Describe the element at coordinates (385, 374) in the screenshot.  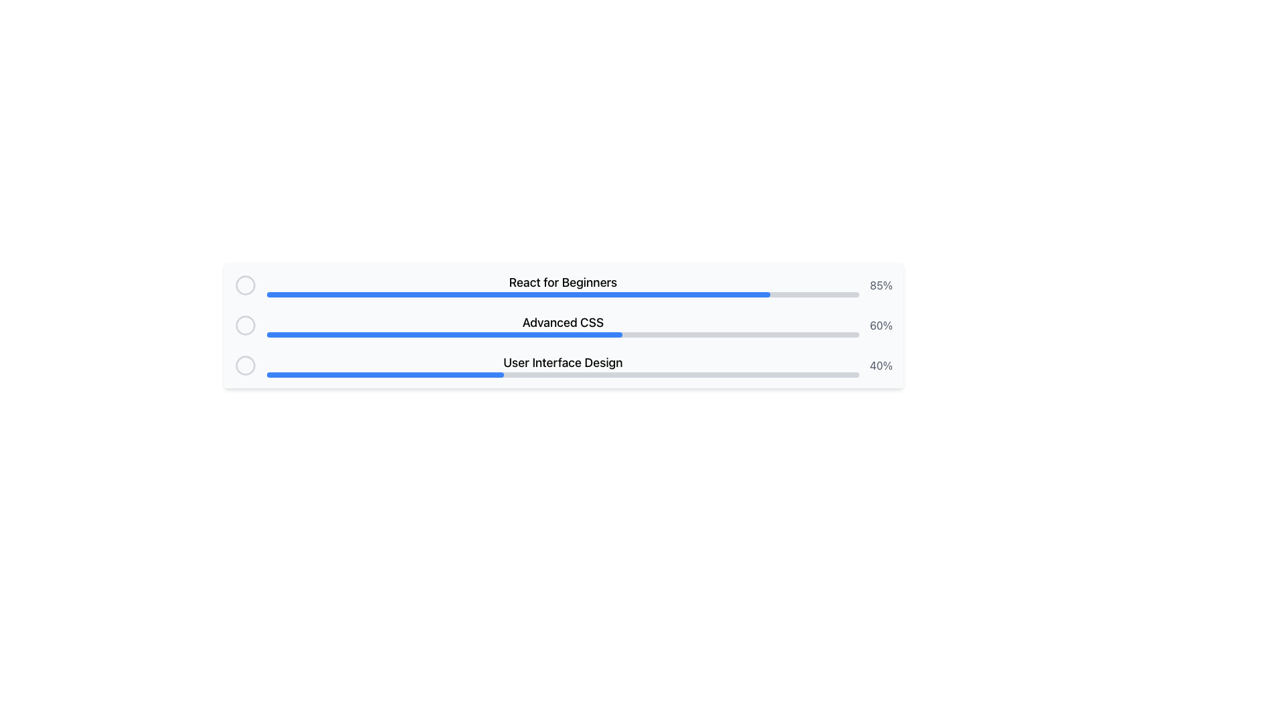
I see `the filled portion of the progress bar that indicates 40% completion, located in the third row below the 'User Interface Design' label` at that location.